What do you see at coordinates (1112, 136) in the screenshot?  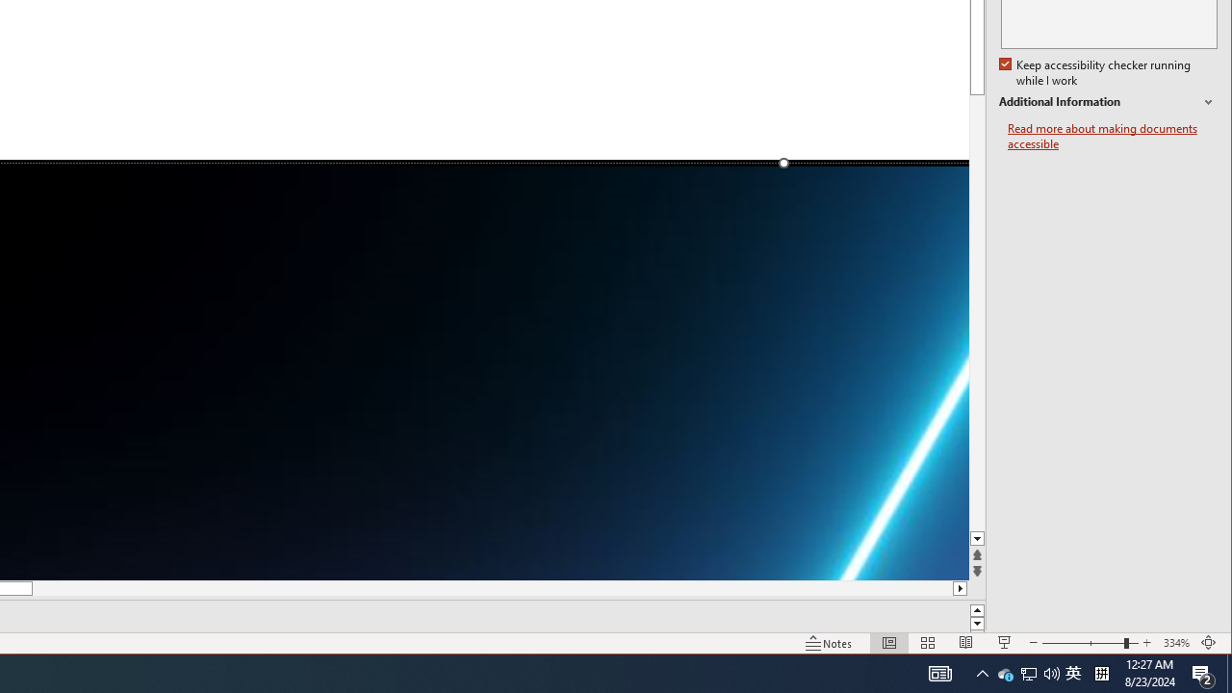 I see `'Read more about making documents accessible'` at bounding box center [1112, 136].